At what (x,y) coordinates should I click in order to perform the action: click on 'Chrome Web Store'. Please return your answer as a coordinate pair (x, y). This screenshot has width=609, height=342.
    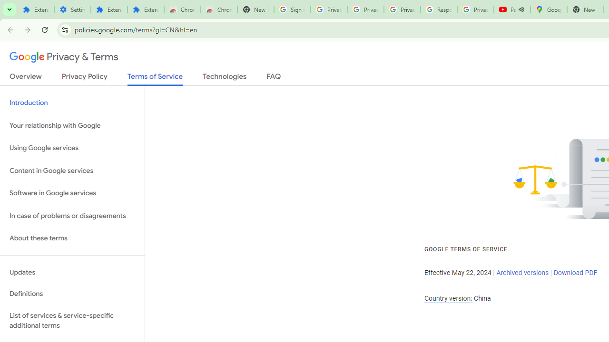
    Looking at the image, I should click on (182, 9).